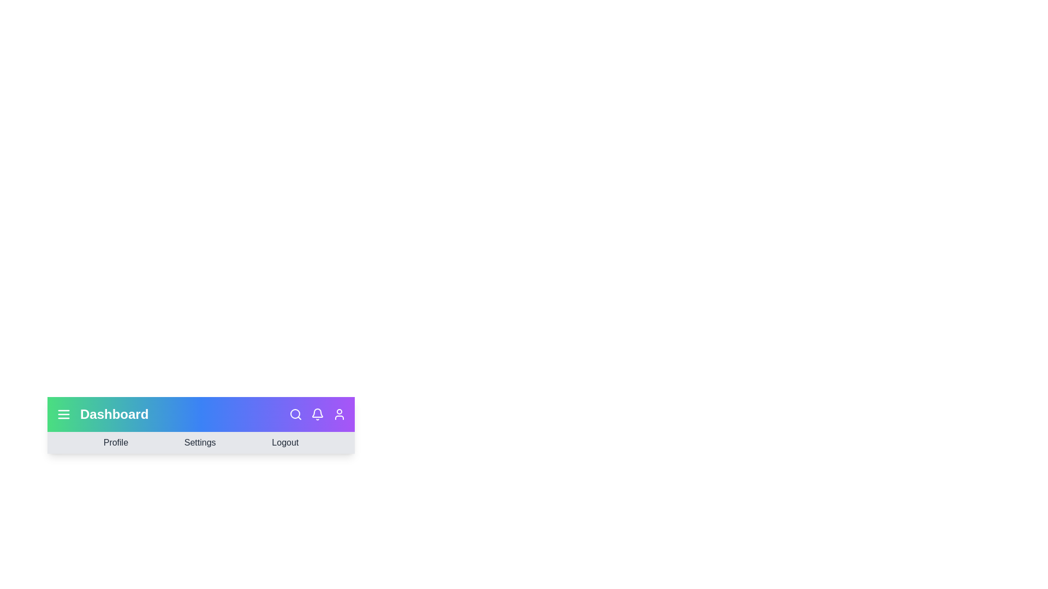 The image size is (1048, 589). I want to click on the 'Settings' menu item, so click(200, 443).